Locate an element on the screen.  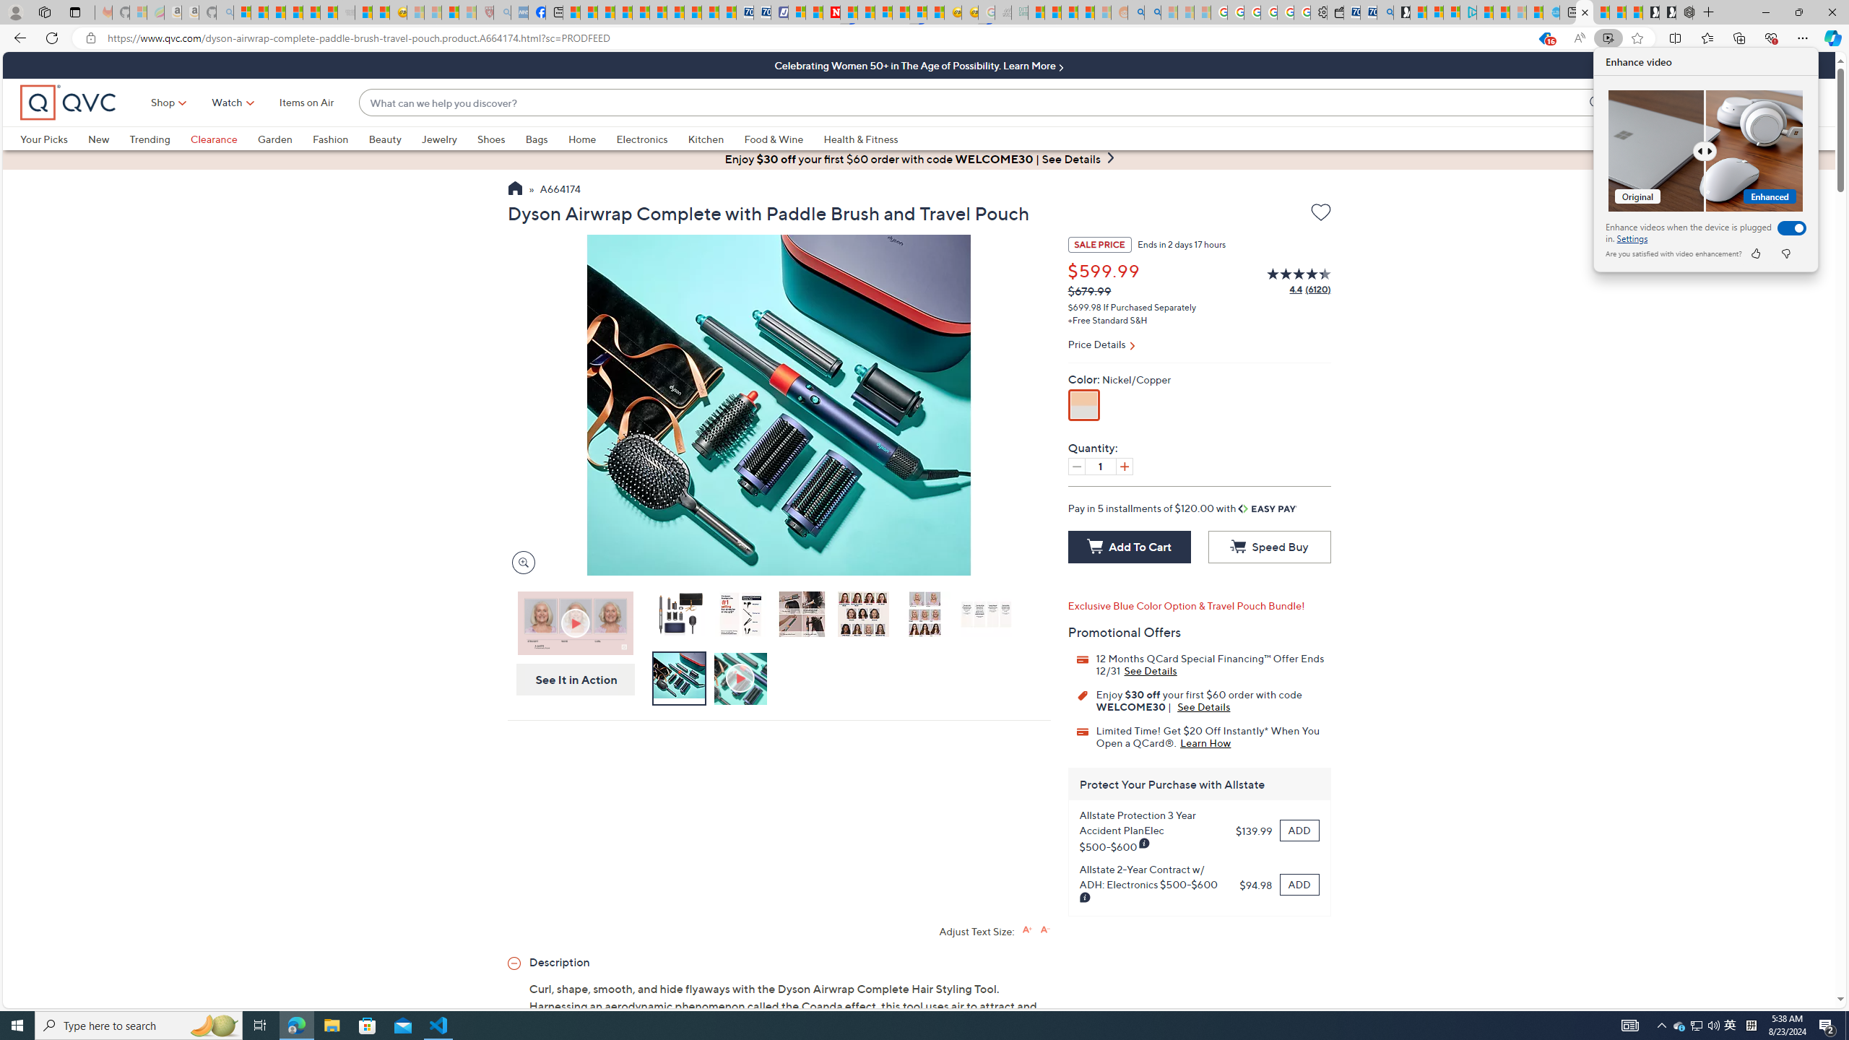
'See It in Action' is located at coordinates (571, 680).